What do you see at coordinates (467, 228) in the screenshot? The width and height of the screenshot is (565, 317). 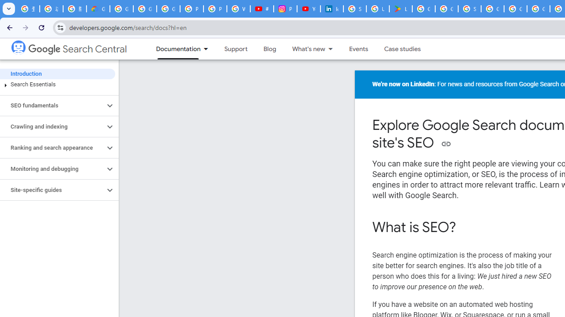 I see `'Copy link to this section: What is SEO? '` at bounding box center [467, 228].